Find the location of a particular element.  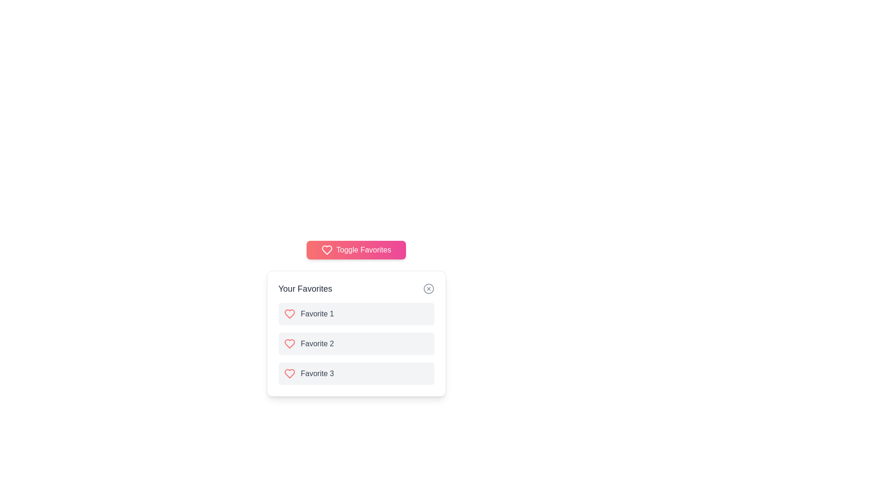

the Text label indicating the second favorite item in the 'Your Favorites' list located within the modal card labeled 'Your Favorites' is located at coordinates (317, 343).